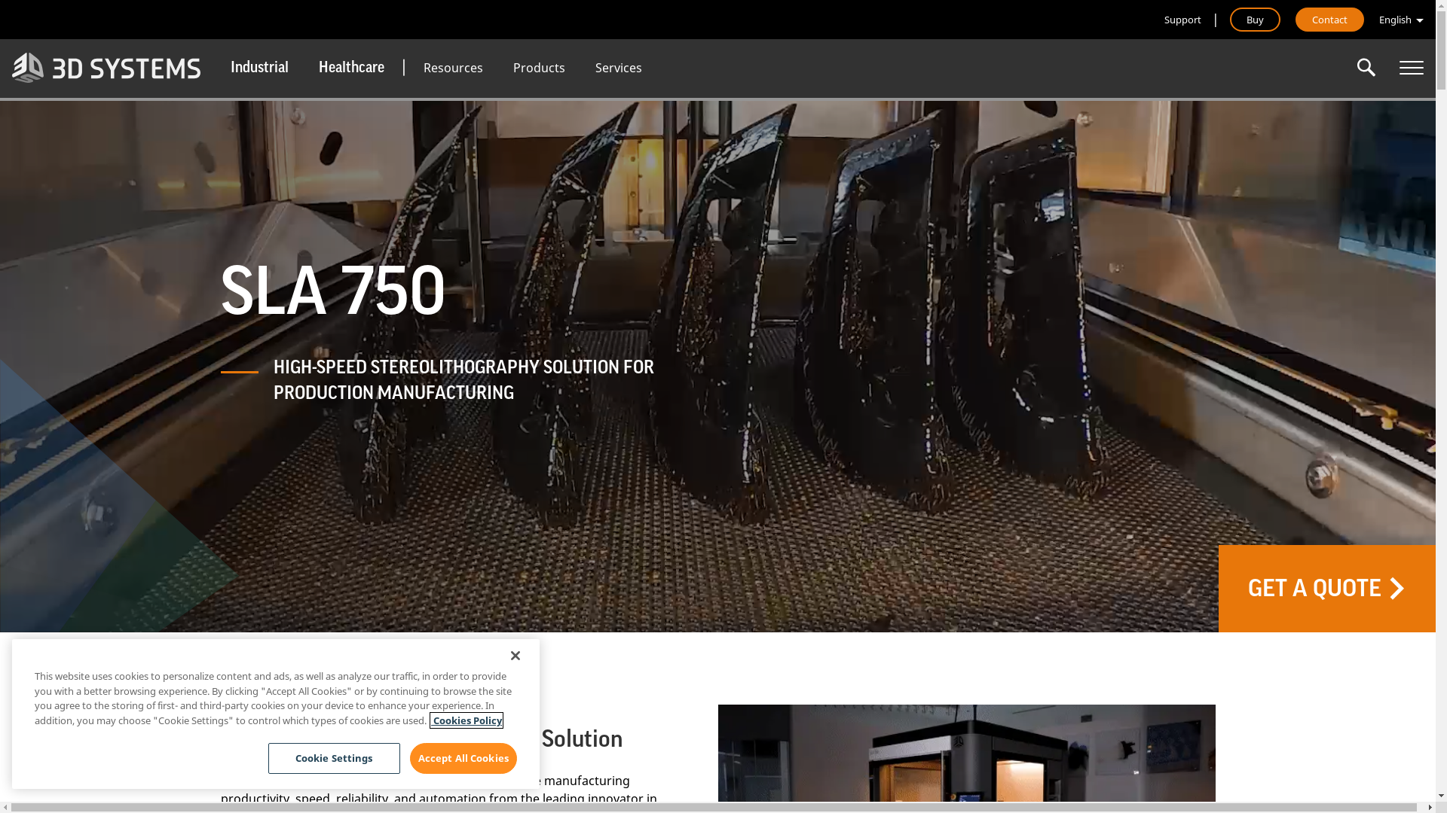  Describe the element at coordinates (1329, 20) in the screenshot. I see `'Contact'` at that location.